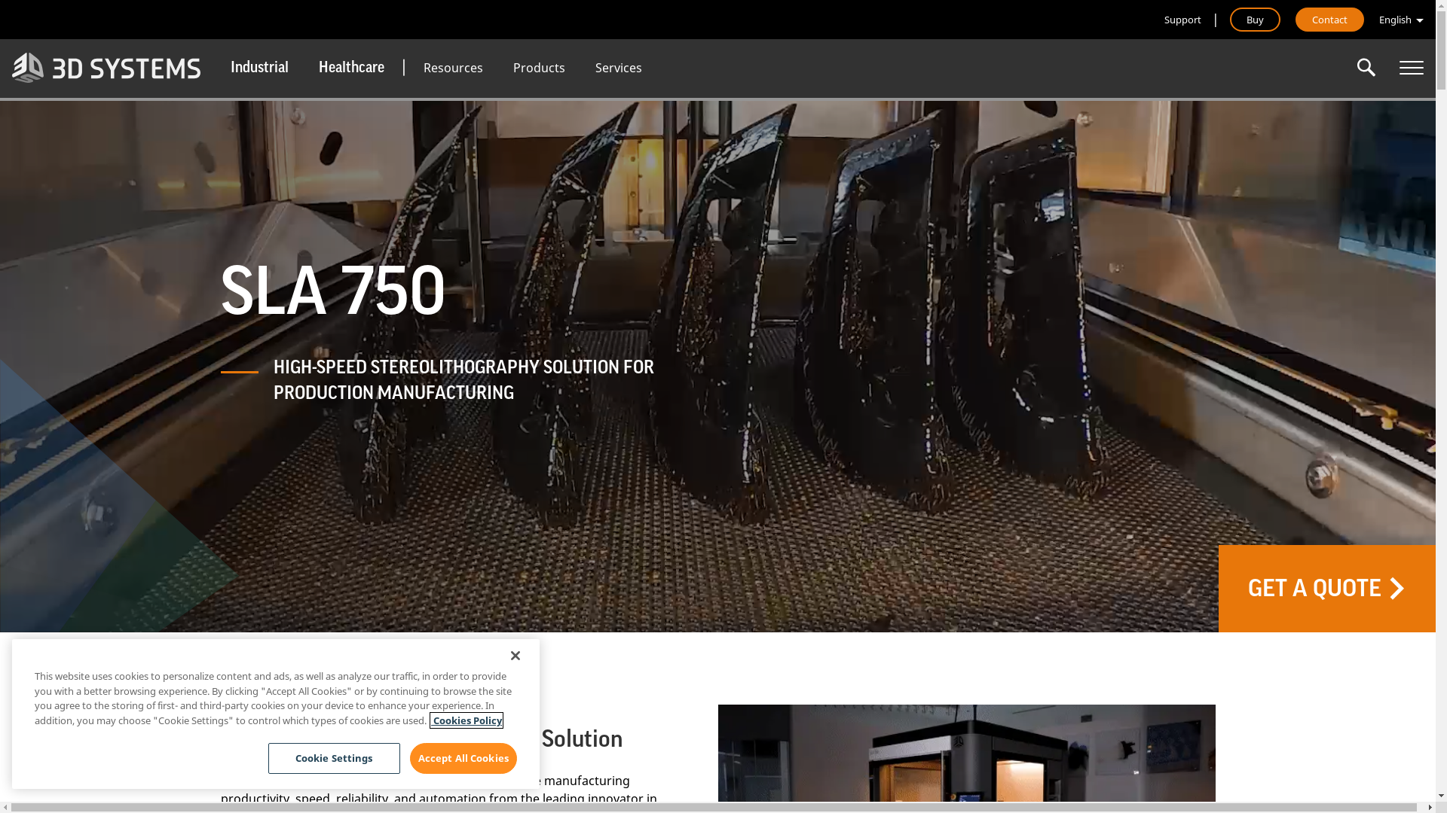  Describe the element at coordinates (1329, 20) in the screenshot. I see `'Contact'` at that location.